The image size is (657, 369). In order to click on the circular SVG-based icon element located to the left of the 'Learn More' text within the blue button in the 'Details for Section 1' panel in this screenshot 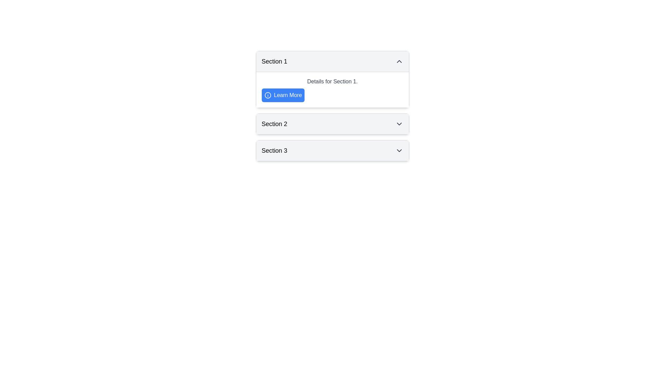, I will do `click(267, 95)`.